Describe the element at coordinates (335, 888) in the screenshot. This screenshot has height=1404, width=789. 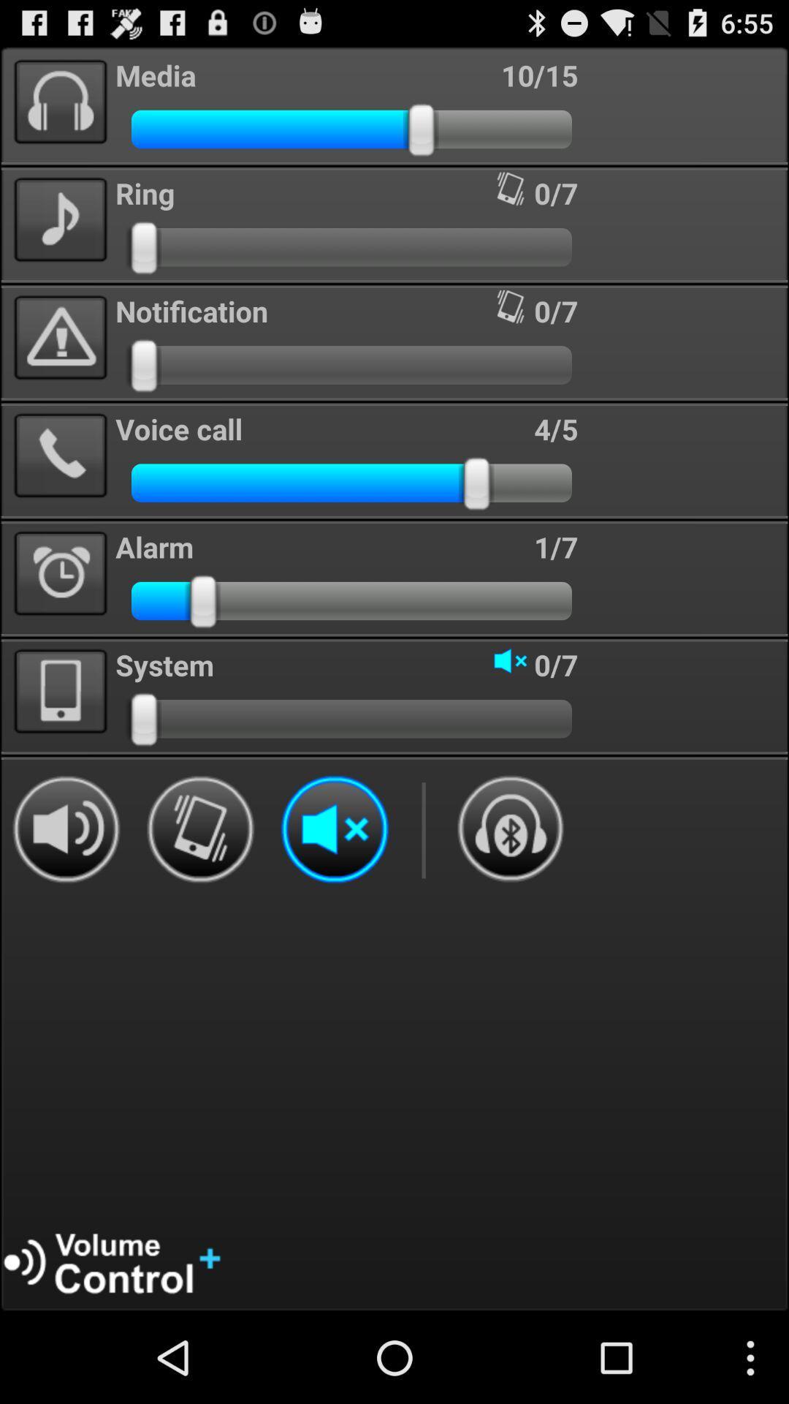
I see `the volume icon` at that location.